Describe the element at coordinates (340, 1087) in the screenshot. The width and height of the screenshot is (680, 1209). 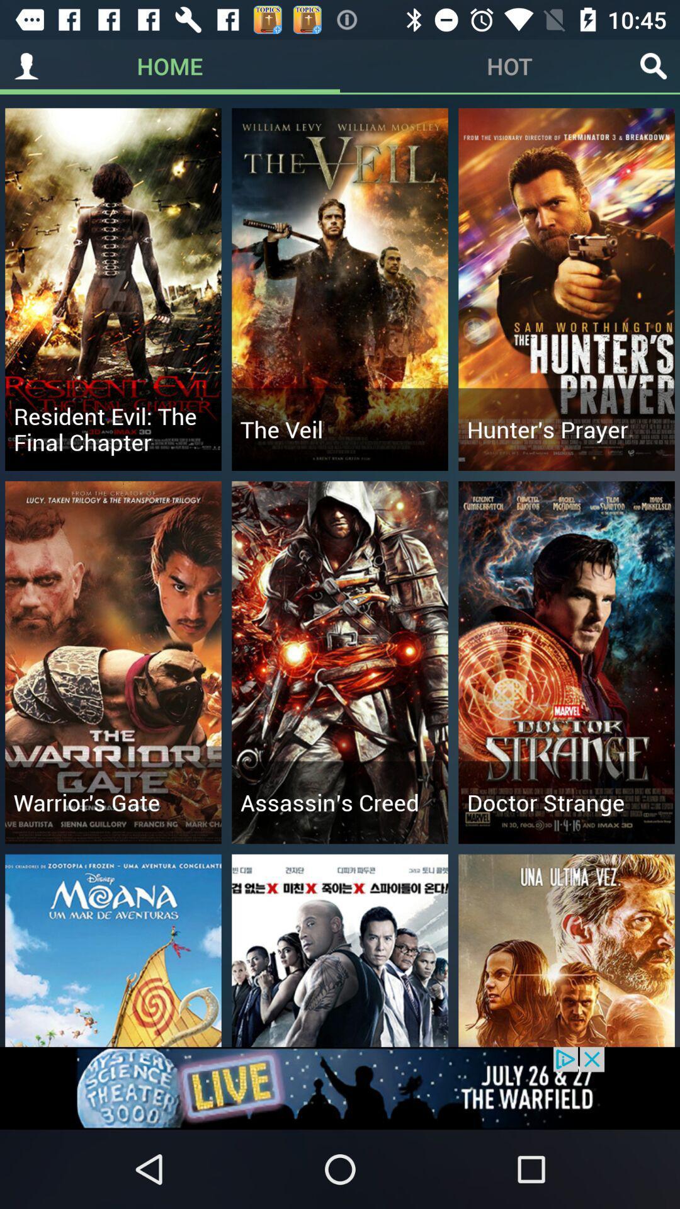
I see `advertisement` at that location.